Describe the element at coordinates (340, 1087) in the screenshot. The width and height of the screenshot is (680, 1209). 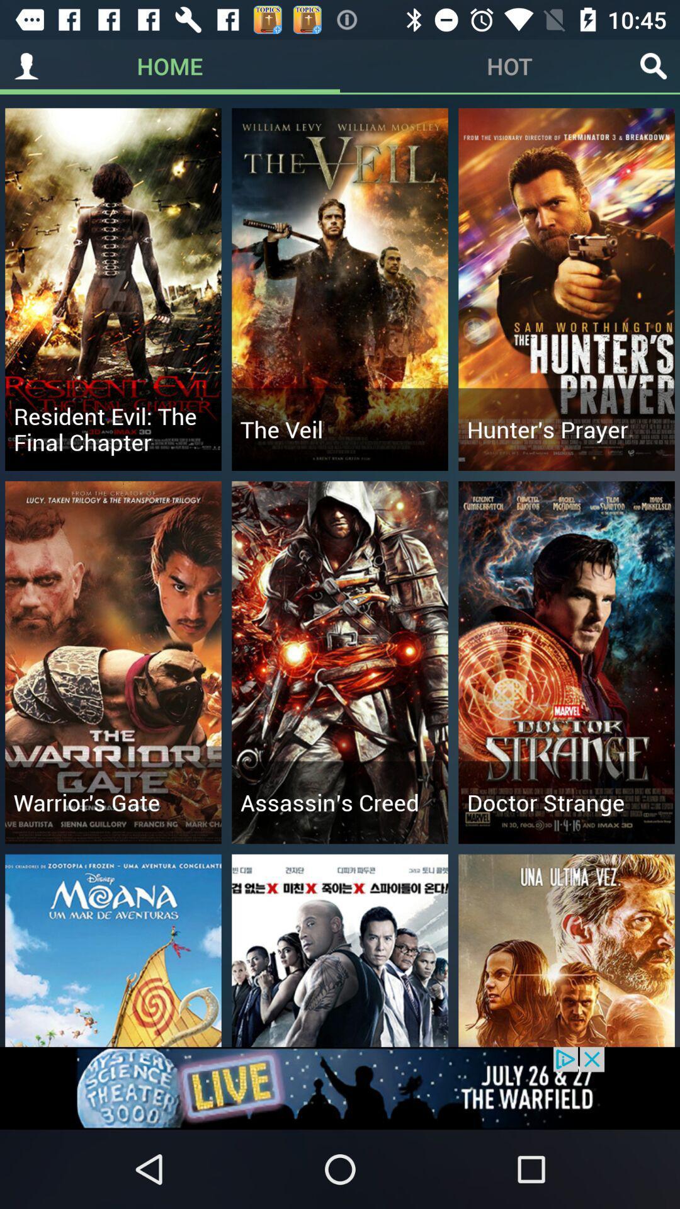
I see `advertisement` at that location.